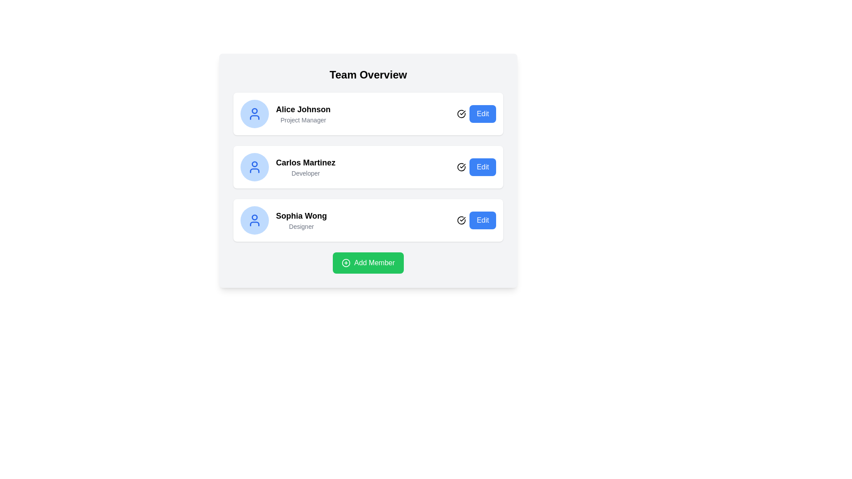 This screenshot has height=479, width=852. I want to click on the 'Edit' button located at the bottom right of the 'Sophia Wong' profile entry to initiate the editing action for this specific profile, so click(476, 220).